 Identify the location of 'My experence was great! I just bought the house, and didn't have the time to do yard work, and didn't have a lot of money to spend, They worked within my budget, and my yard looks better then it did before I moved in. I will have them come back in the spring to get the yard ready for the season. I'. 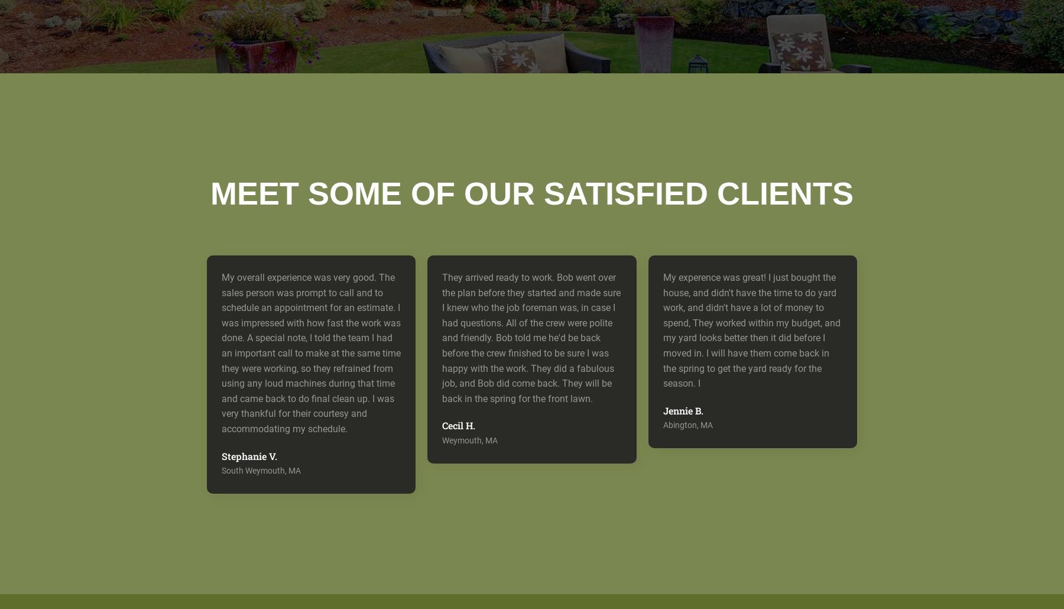
(751, 330).